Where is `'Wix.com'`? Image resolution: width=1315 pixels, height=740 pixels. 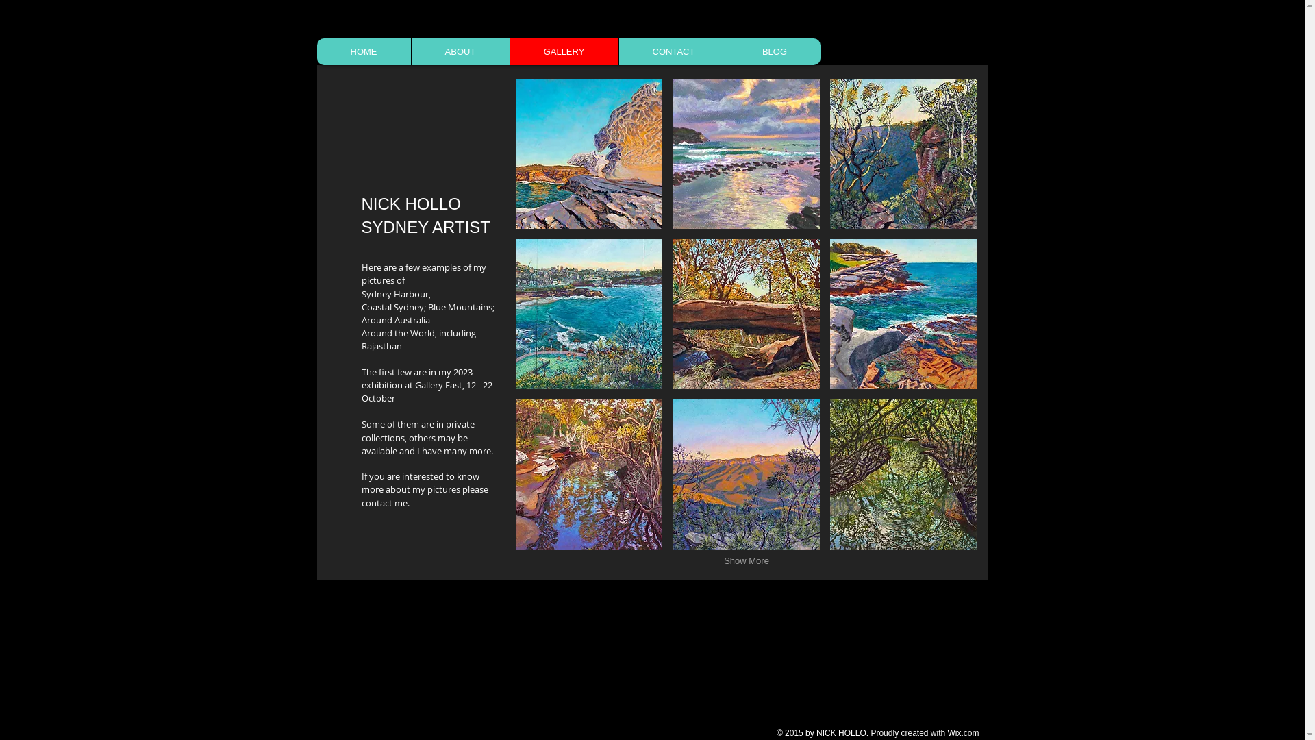 'Wix.com' is located at coordinates (947, 732).